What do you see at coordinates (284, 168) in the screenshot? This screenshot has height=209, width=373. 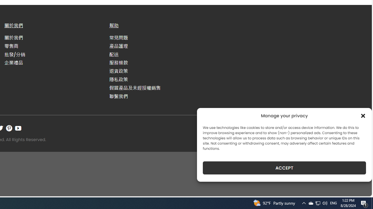 I see `'ACCEPT'` at bounding box center [284, 168].